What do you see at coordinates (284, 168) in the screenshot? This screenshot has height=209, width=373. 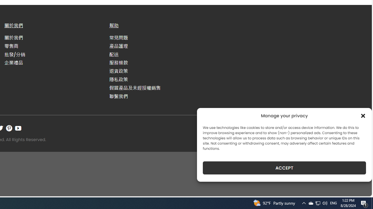 I see `'ACCEPT'` at bounding box center [284, 168].